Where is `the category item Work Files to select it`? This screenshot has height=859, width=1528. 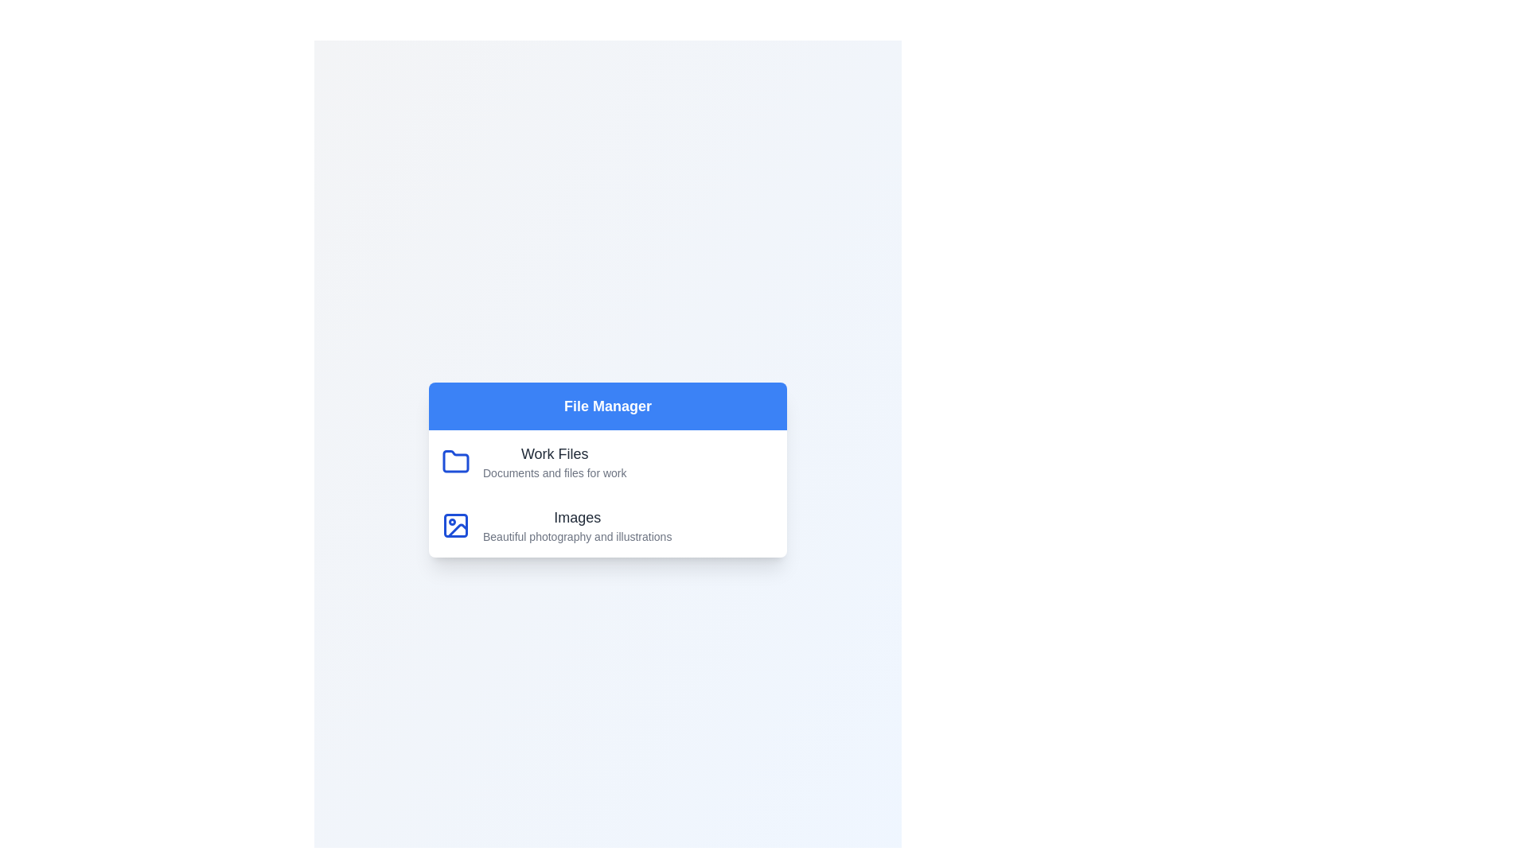 the category item Work Files to select it is located at coordinates (606, 462).